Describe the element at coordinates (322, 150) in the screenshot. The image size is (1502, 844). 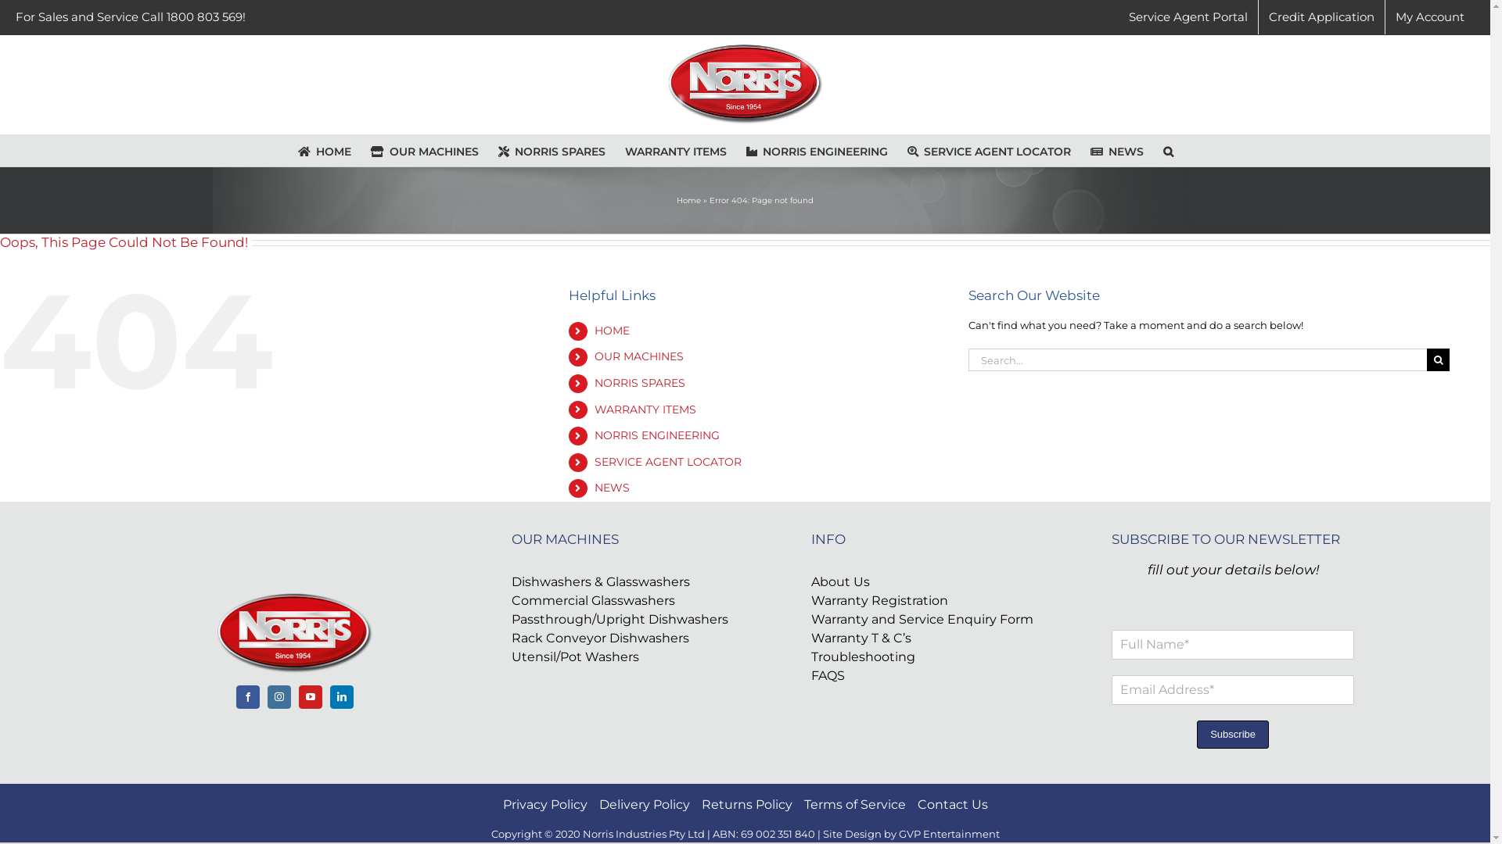
I see `'HOME'` at that location.